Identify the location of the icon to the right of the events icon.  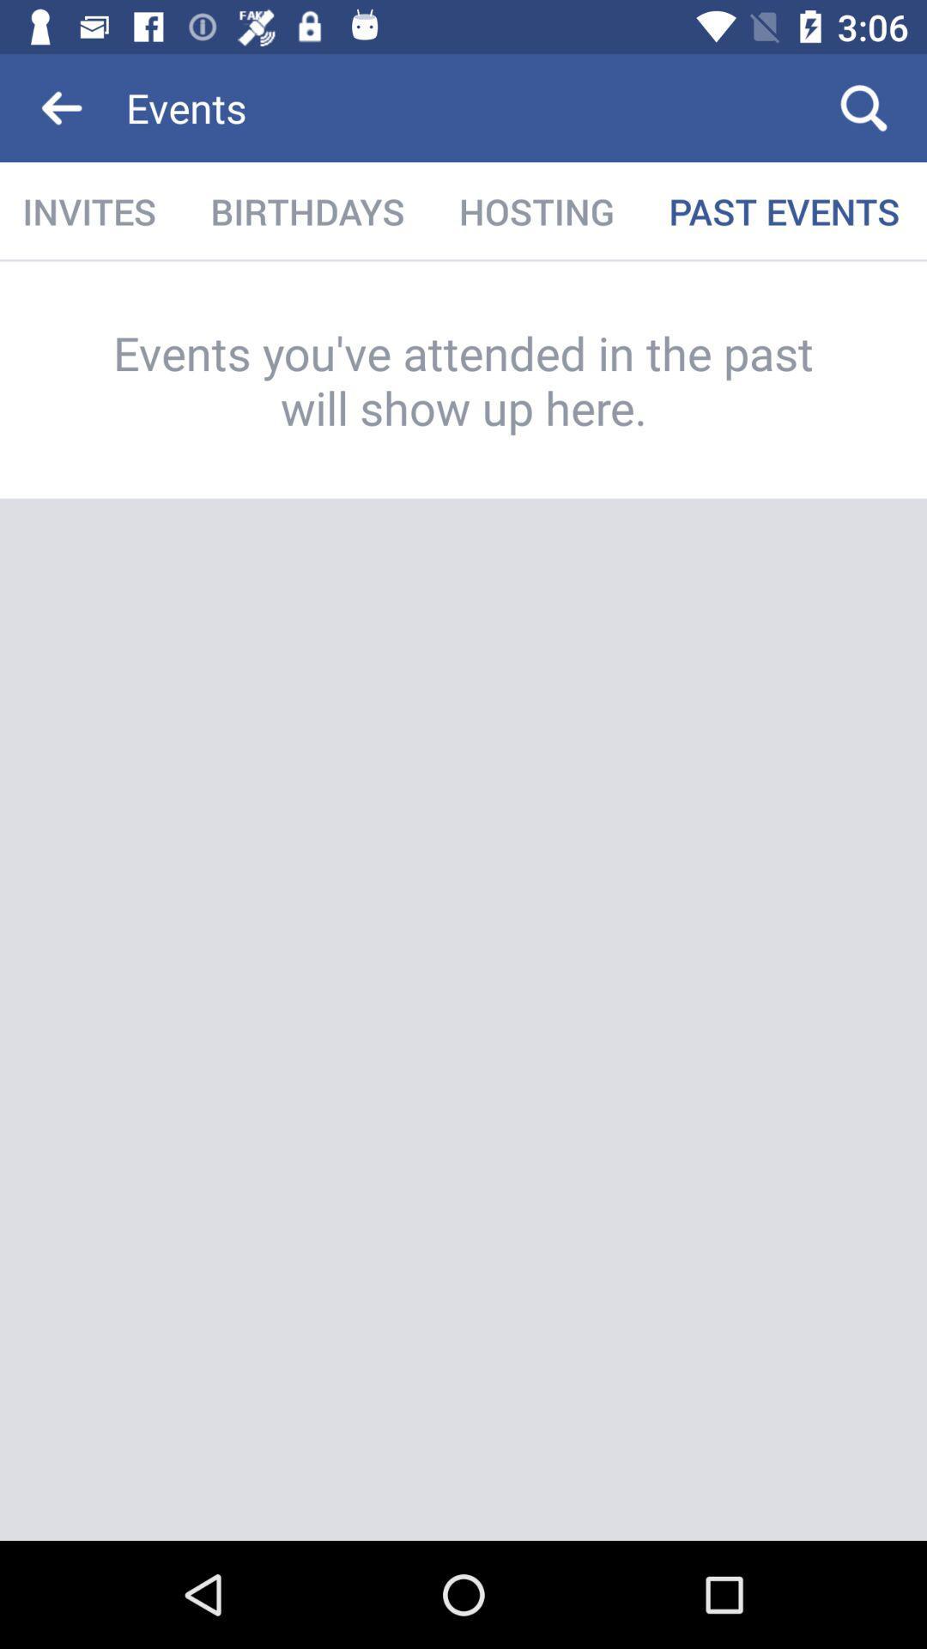
(863, 106).